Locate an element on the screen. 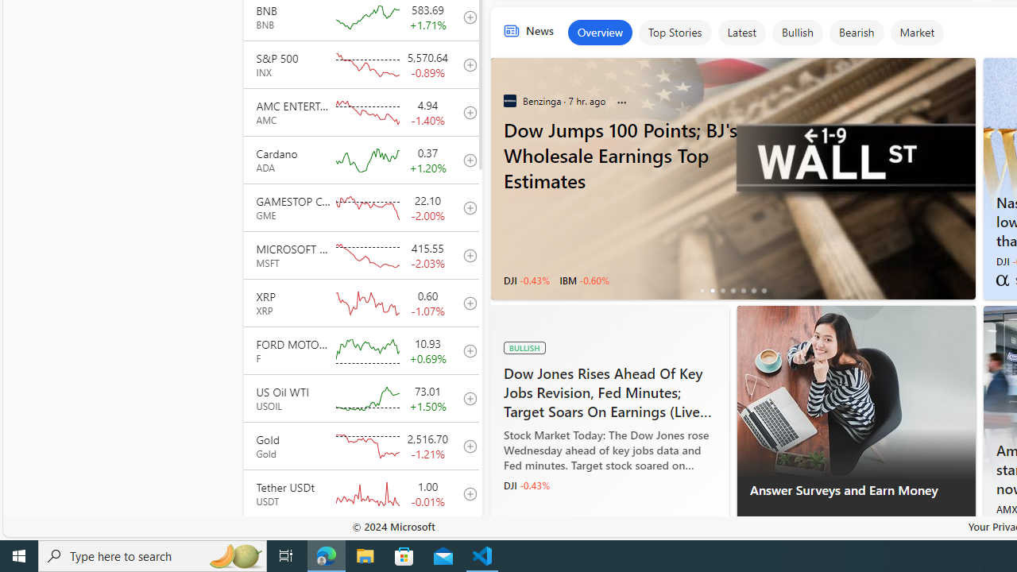 This screenshot has width=1017, height=572. 'Market' is located at coordinates (916, 33).